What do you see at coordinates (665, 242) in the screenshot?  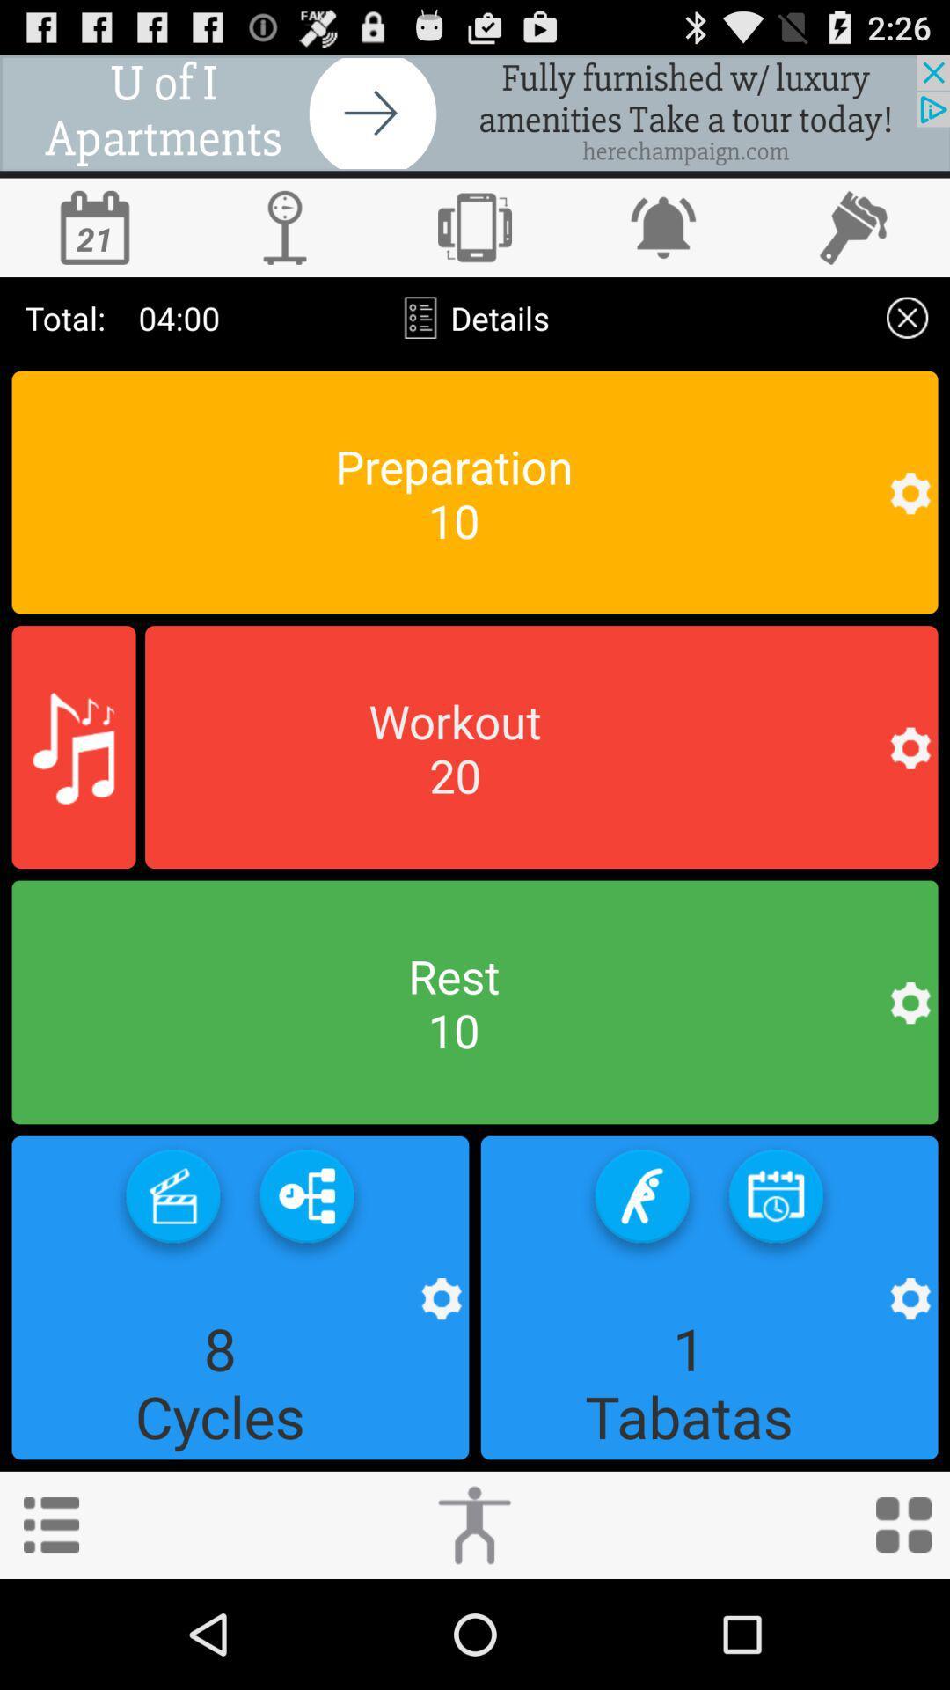 I see `the notifications icon` at bounding box center [665, 242].